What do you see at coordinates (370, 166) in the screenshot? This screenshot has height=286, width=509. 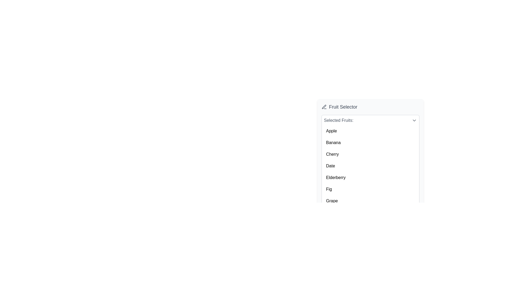 I see `the fourth selectable menu item in a vertically aligned list, which is positioned between 'Cherry' and 'Elderberry'` at bounding box center [370, 166].